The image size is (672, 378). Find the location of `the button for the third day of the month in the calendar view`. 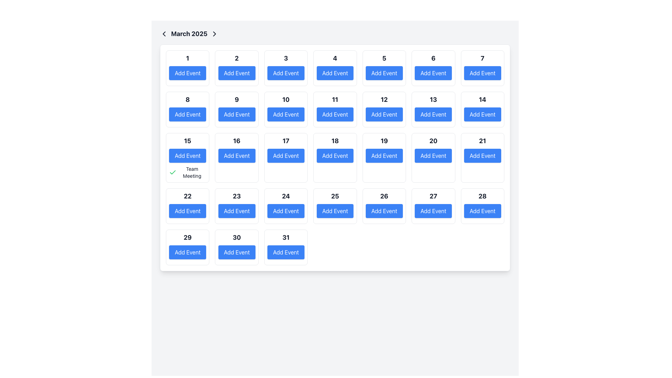

the button for the third day of the month in the calendar view is located at coordinates (286, 68).